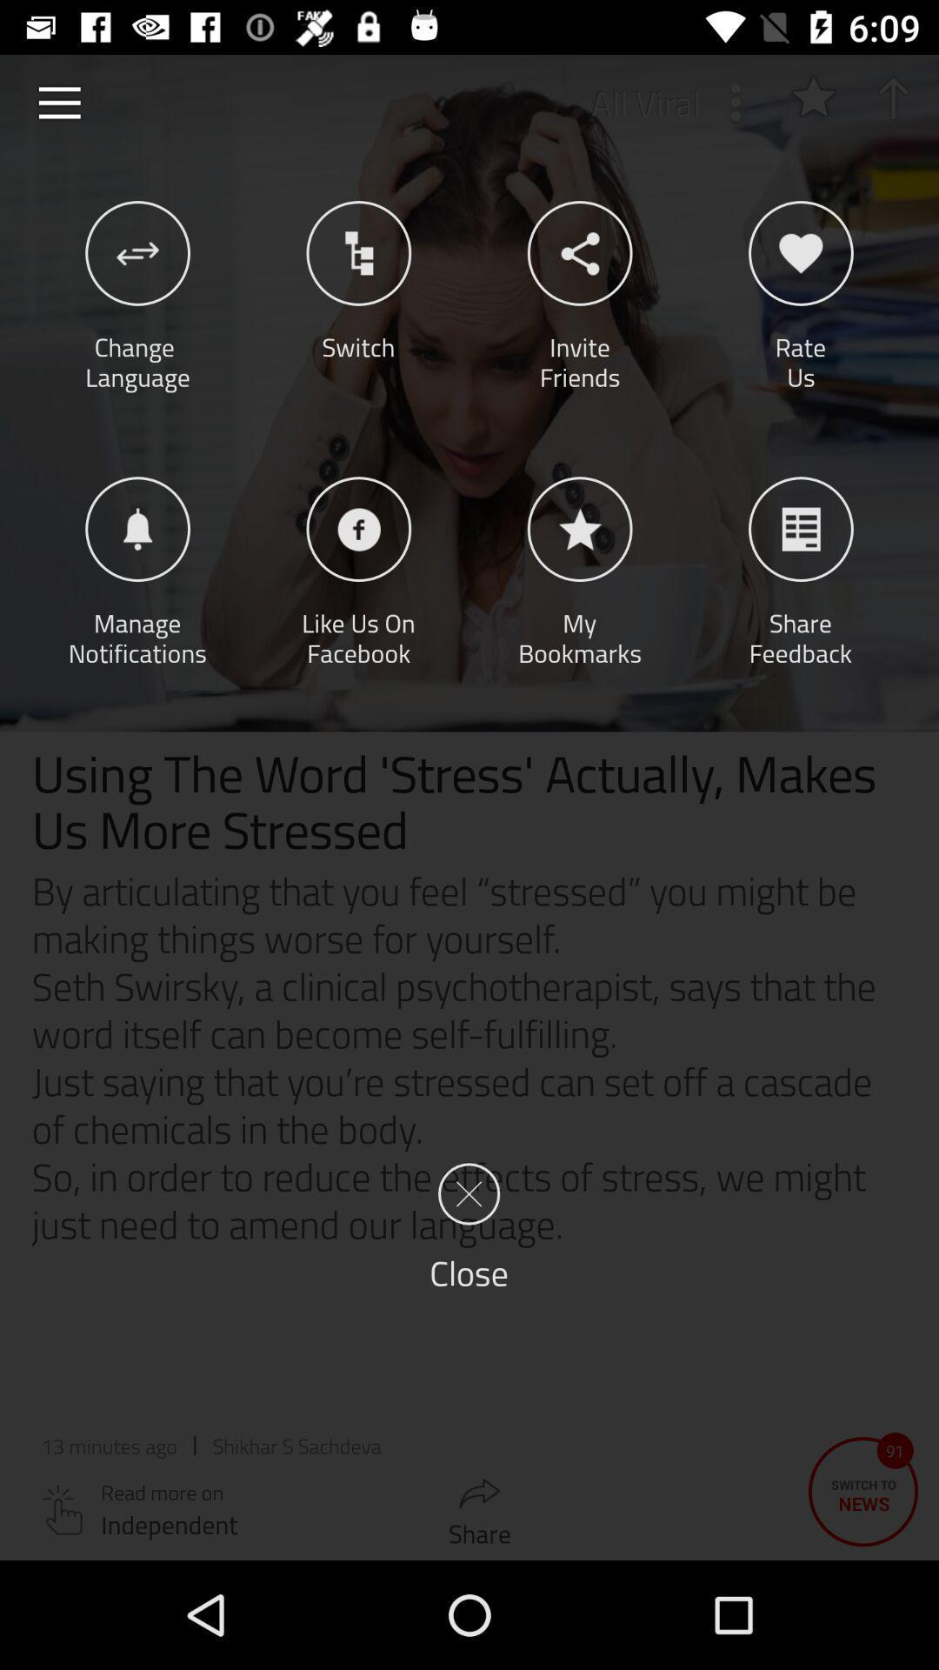  I want to click on the star icon, so click(813, 95).